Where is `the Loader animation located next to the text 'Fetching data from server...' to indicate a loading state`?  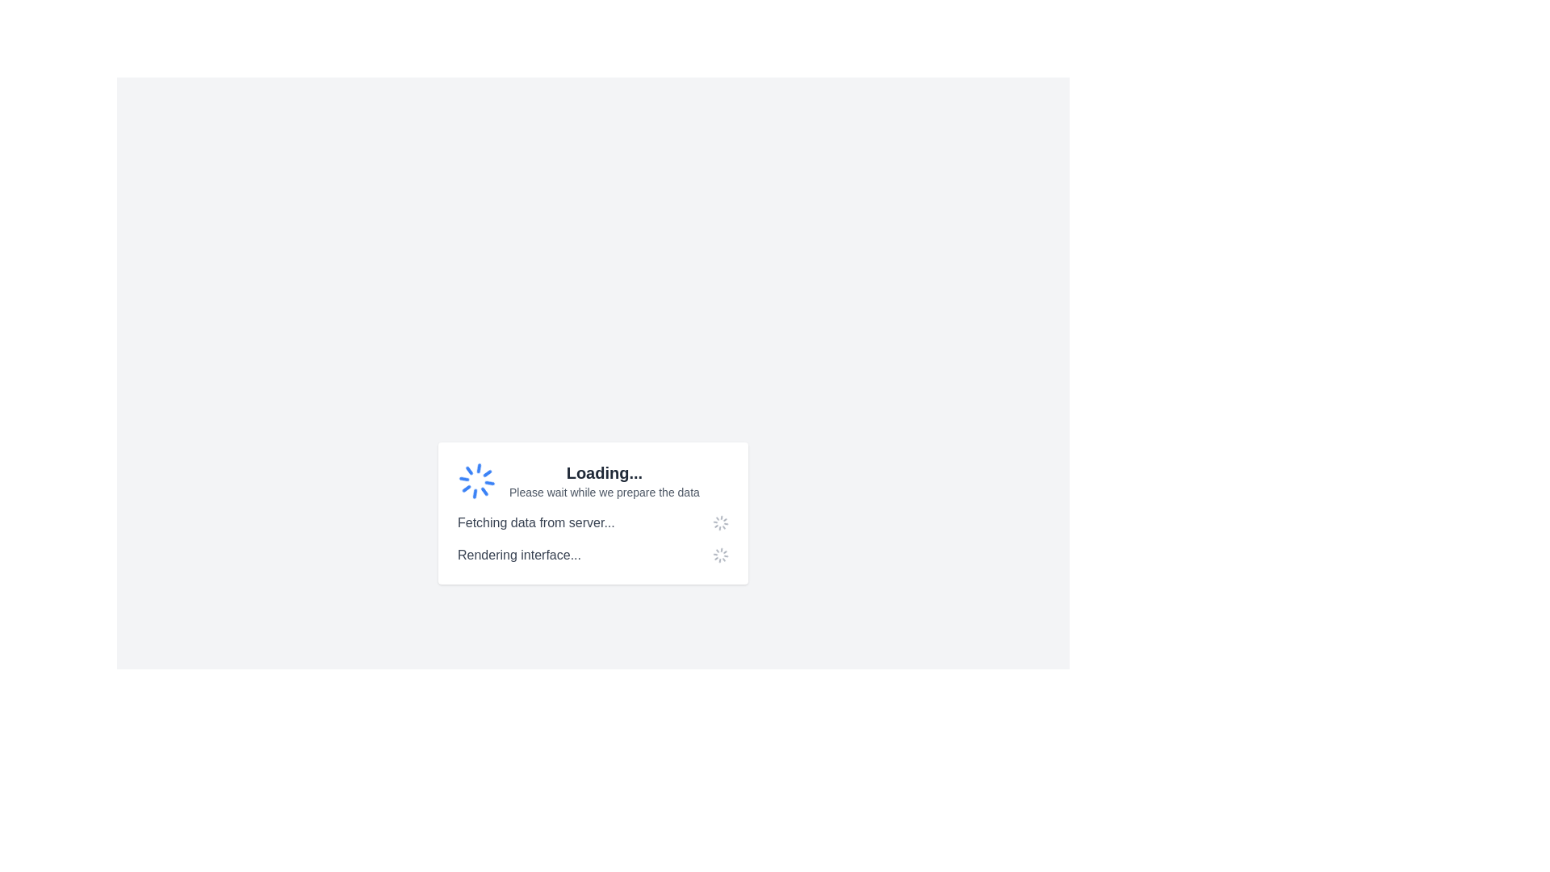 the Loader animation located next to the text 'Fetching data from server...' to indicate a loading state is located at coordinates (719, 523).